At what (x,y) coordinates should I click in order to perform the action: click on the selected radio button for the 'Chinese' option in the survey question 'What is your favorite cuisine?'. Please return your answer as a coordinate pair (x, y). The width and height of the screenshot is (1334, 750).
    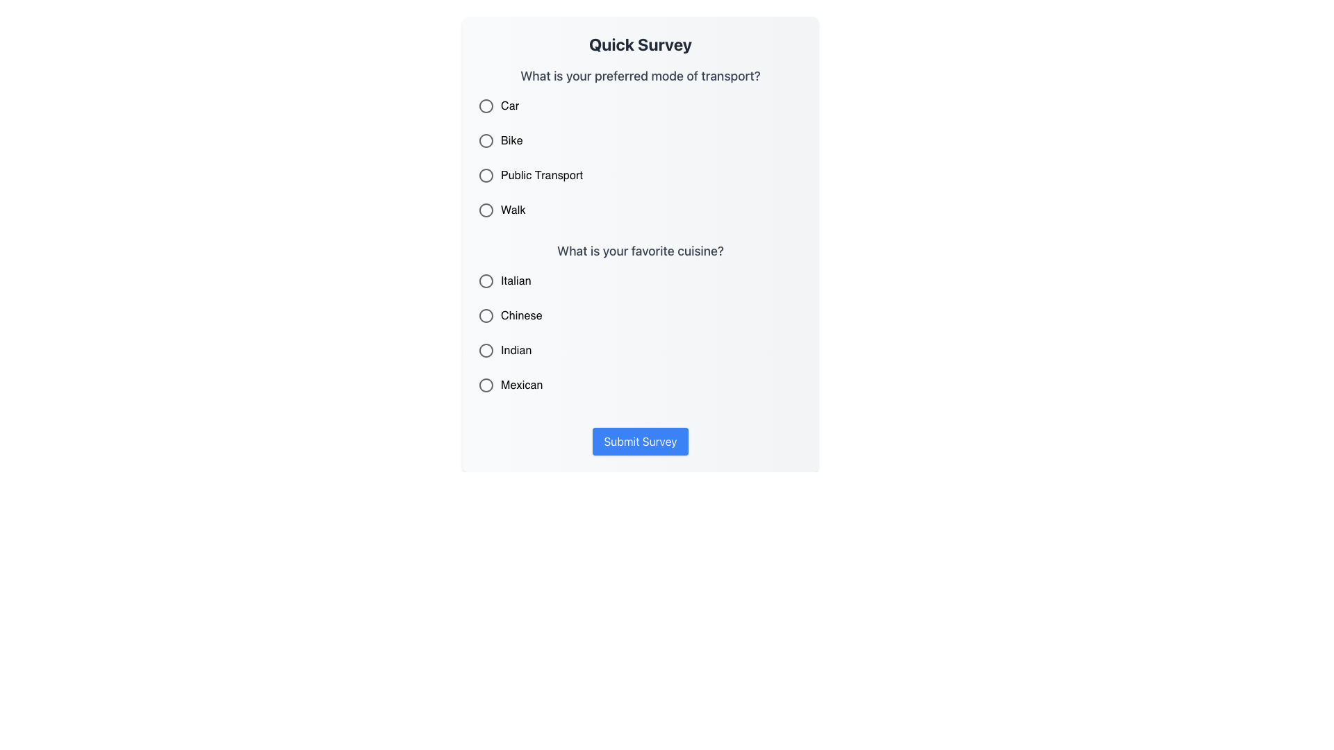
    Looking at the image, I should click on (486, 316).